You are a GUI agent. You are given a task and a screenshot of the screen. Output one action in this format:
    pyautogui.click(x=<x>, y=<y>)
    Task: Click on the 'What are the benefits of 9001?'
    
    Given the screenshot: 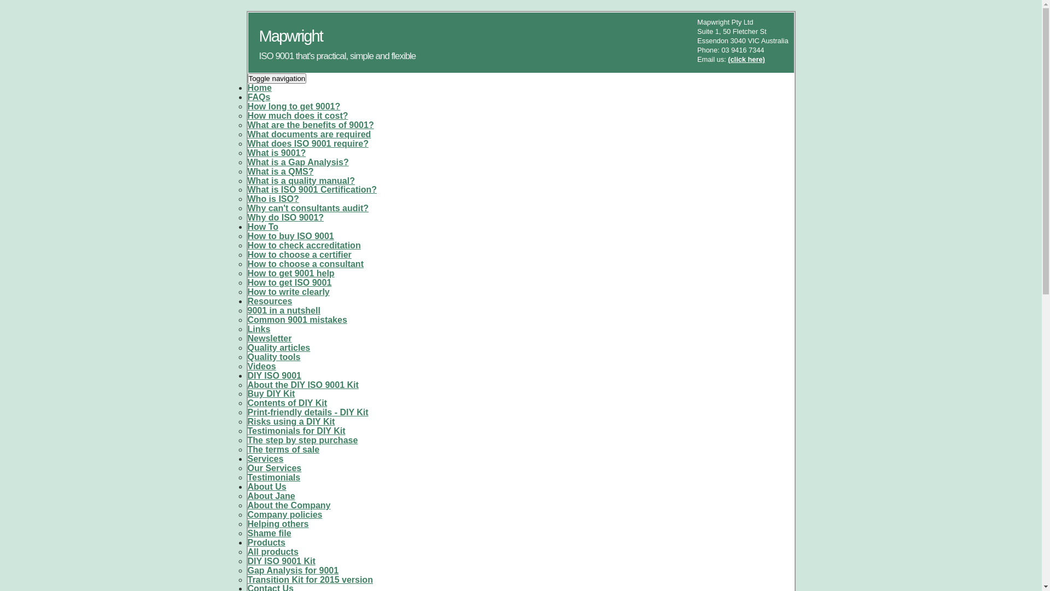 What is the action you would take?
    pyautogui.click(x=310, y=124)
    